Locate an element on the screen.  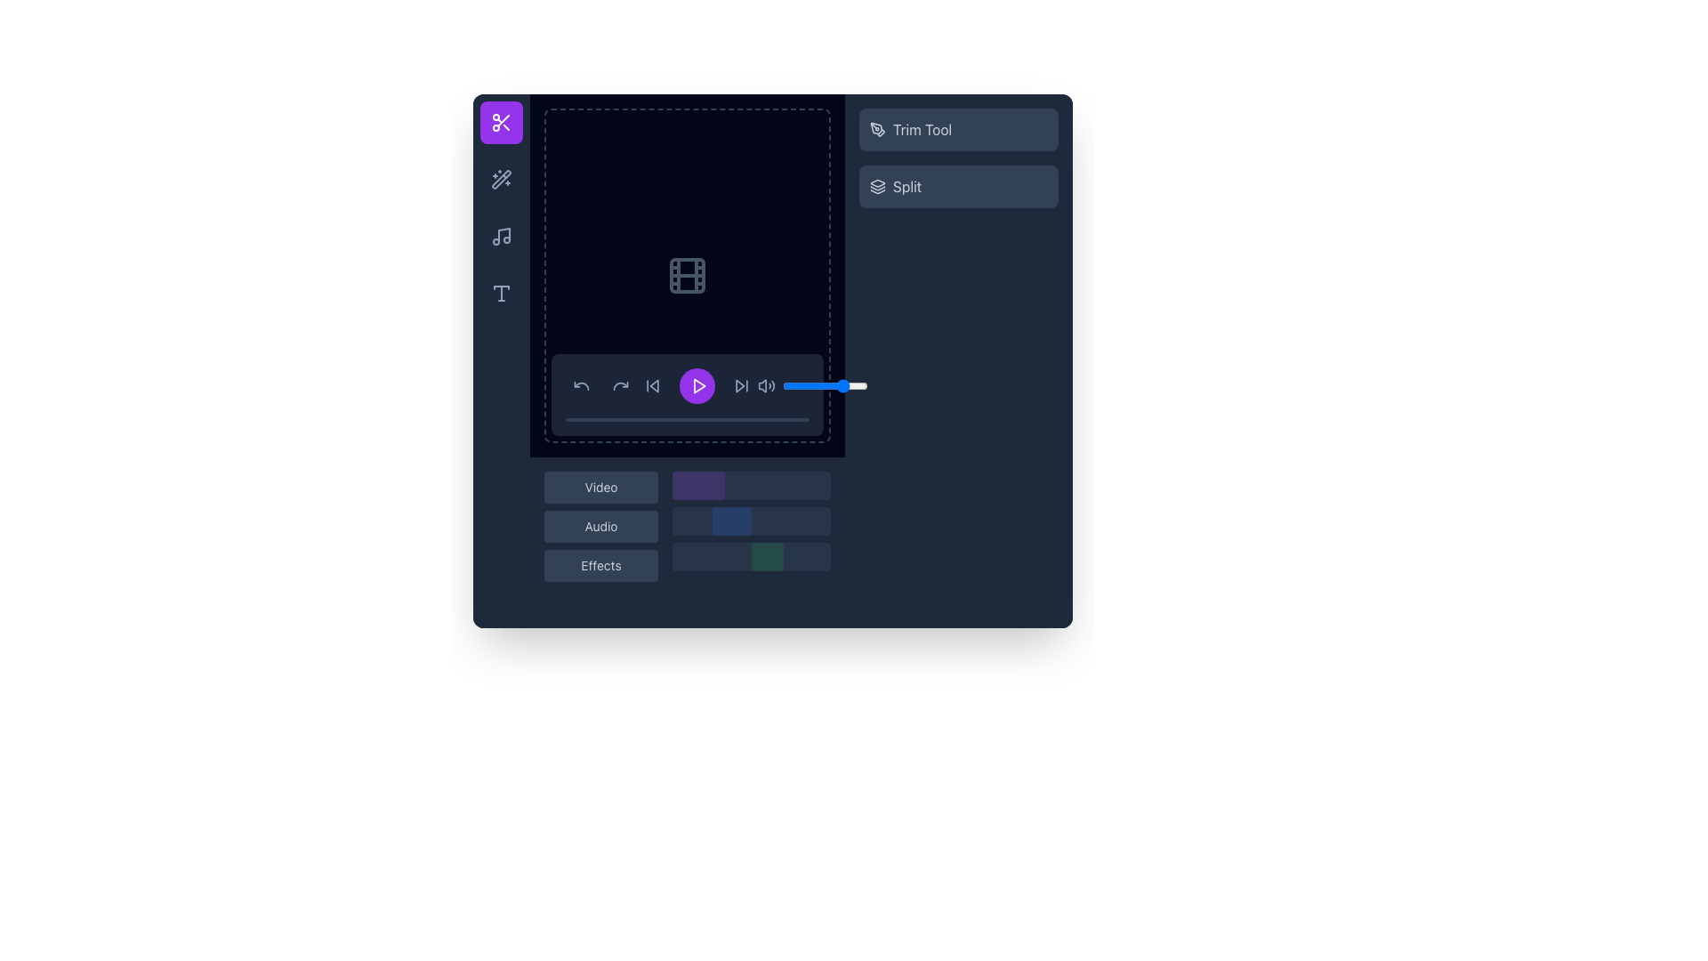
the undo button, which is the first button in a row of action controls at the bottom-left corner of the interface, featuring a curved arrow pointing to the left is located at coordinates (581, 385).